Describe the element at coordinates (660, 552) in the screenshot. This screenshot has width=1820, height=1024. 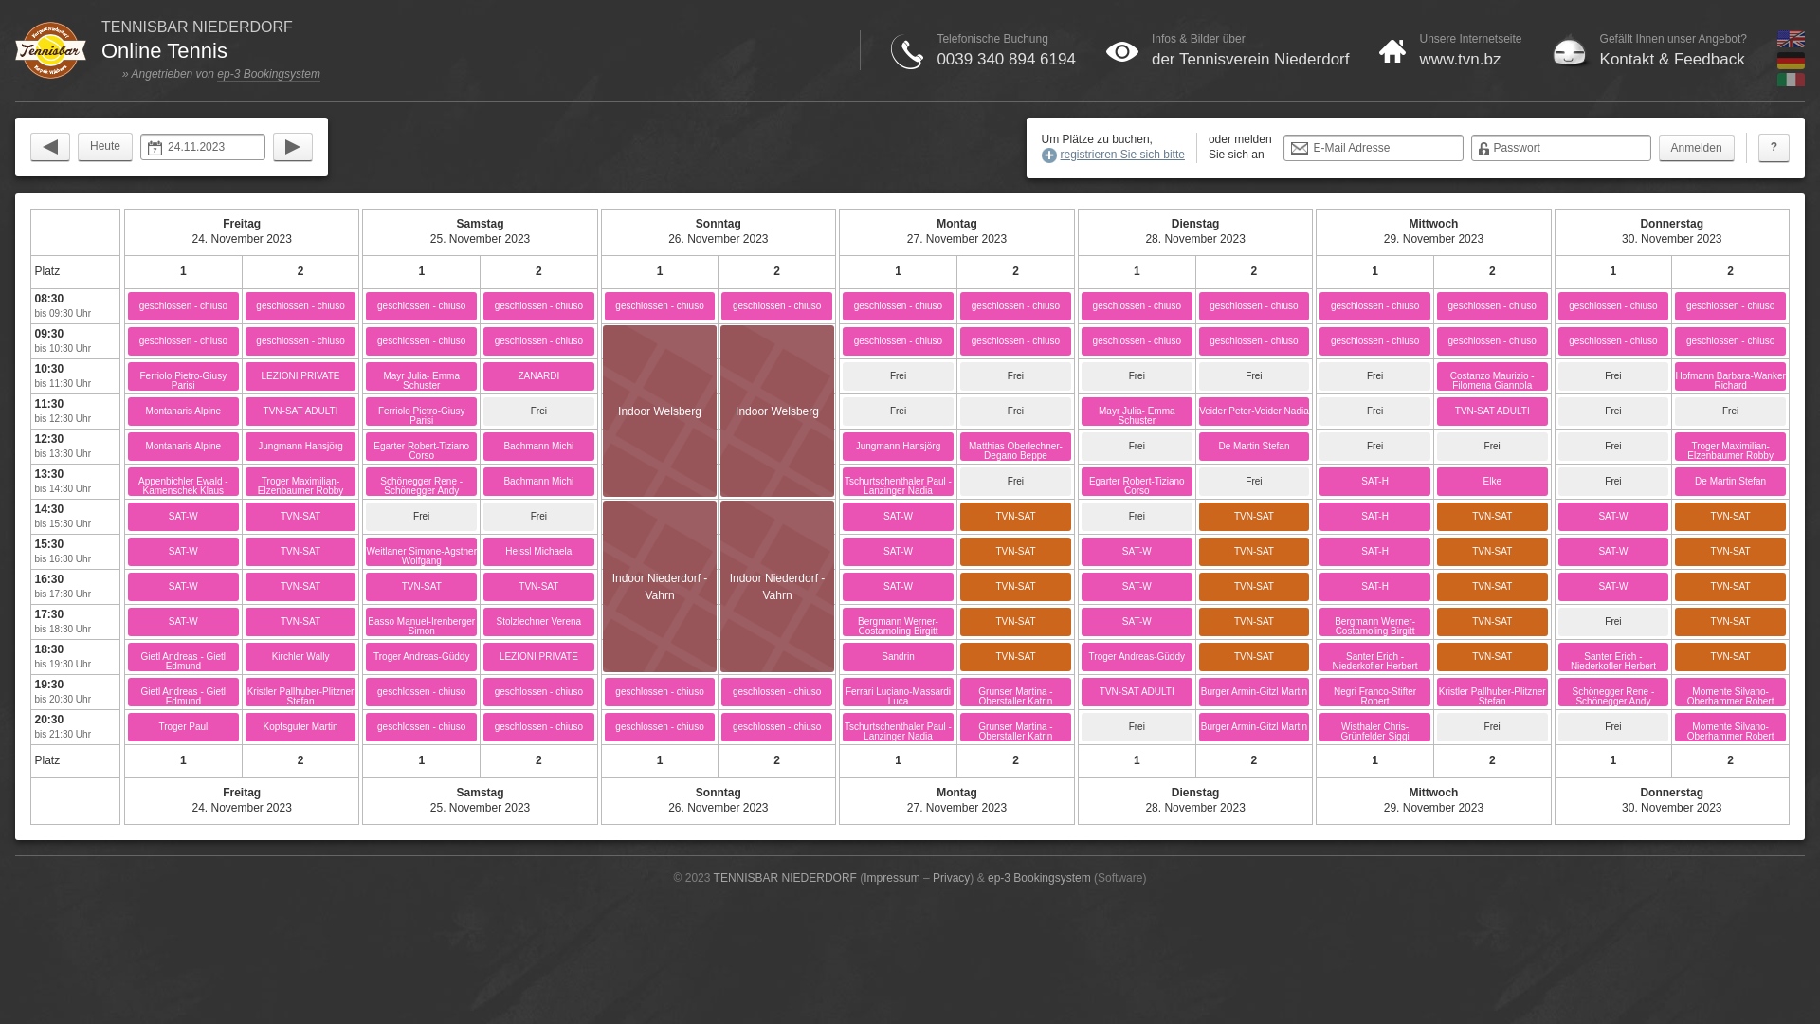
I see `'Indoor Niederdorf - Vahrn'` at that location.